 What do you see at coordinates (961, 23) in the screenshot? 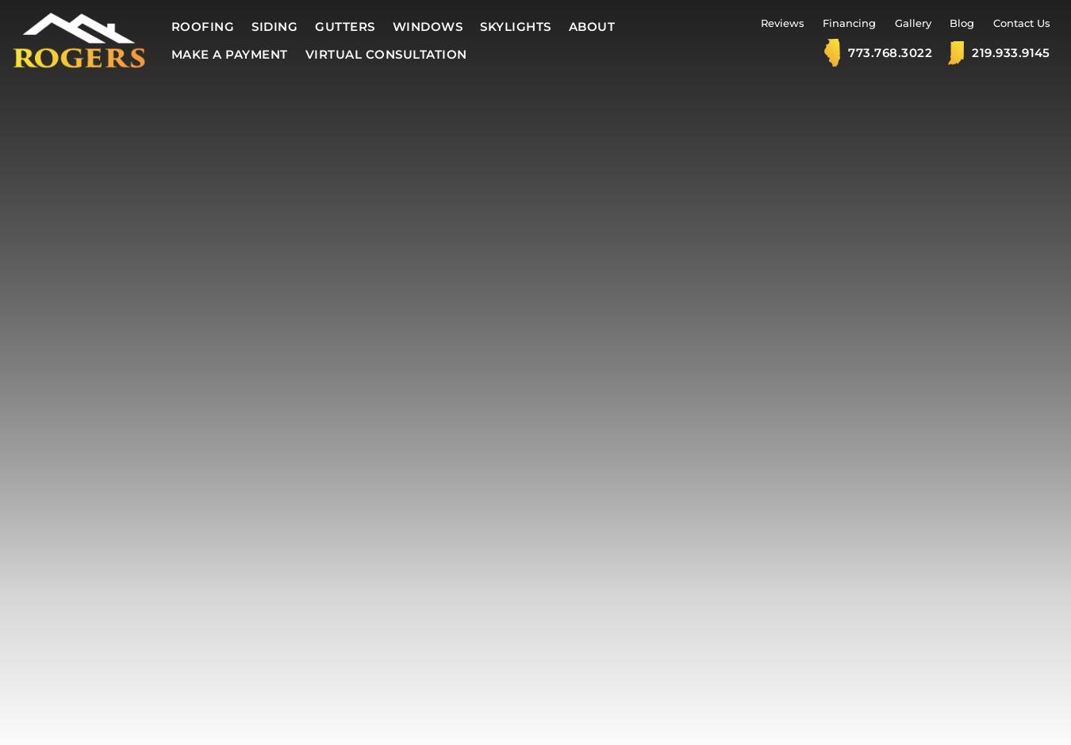
I see `'Blog'` at bounding box center [961, 23].